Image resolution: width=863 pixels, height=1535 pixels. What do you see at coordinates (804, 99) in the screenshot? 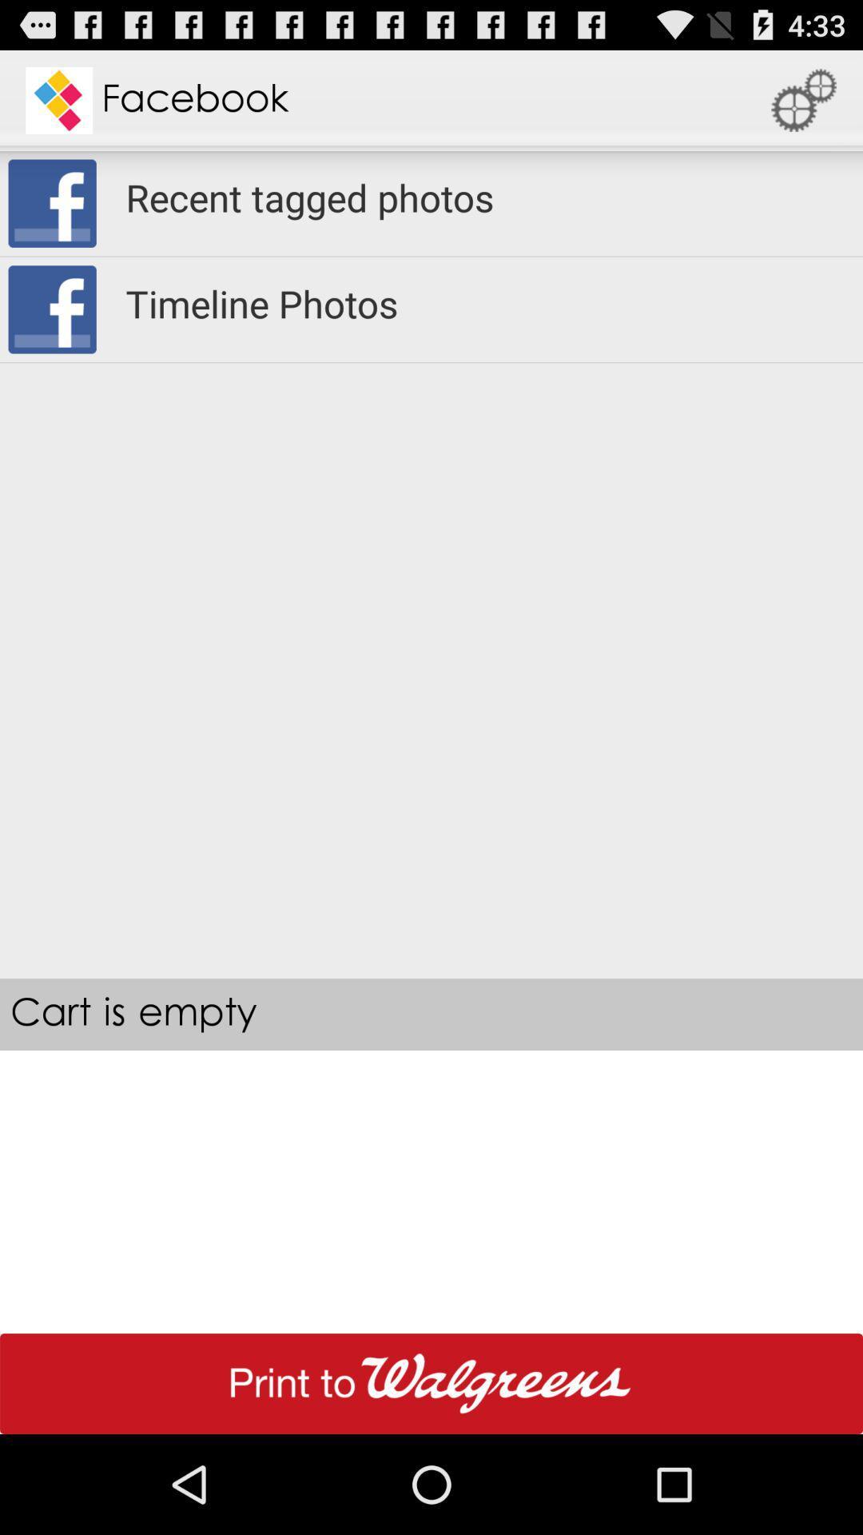
I see `the icon to the right of facebook app` at bounding box center [804, 99].